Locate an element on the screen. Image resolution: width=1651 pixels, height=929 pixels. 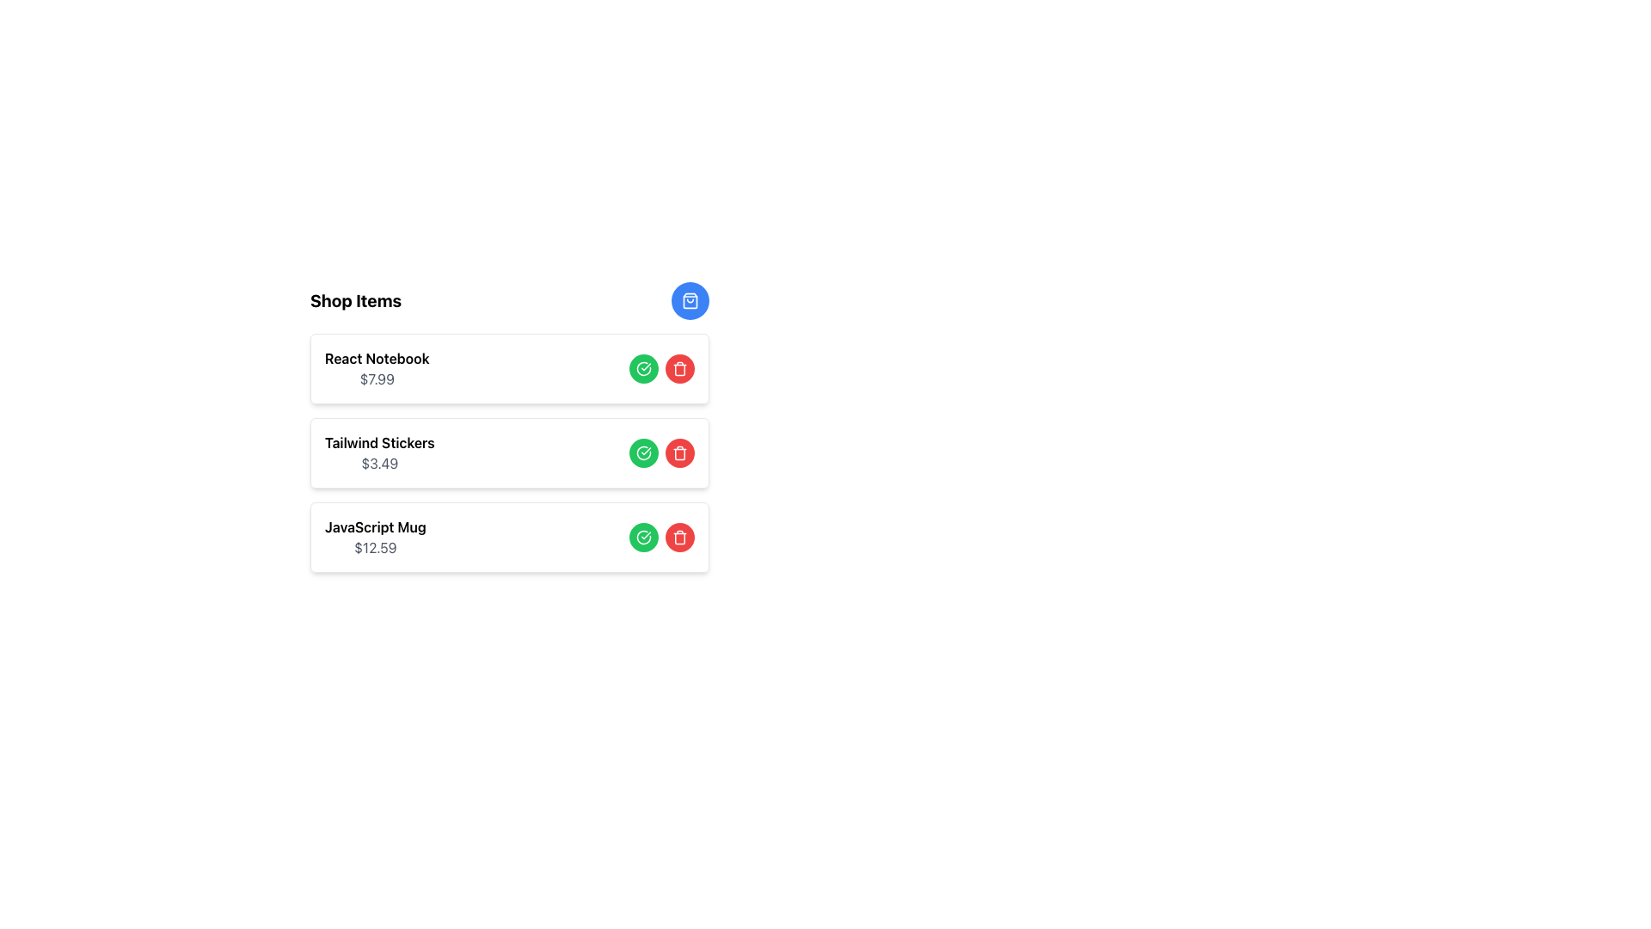
text displayed in the Text Display element that shows the name and price of the first product item in the shopping list is located at coordinates (376, 367).